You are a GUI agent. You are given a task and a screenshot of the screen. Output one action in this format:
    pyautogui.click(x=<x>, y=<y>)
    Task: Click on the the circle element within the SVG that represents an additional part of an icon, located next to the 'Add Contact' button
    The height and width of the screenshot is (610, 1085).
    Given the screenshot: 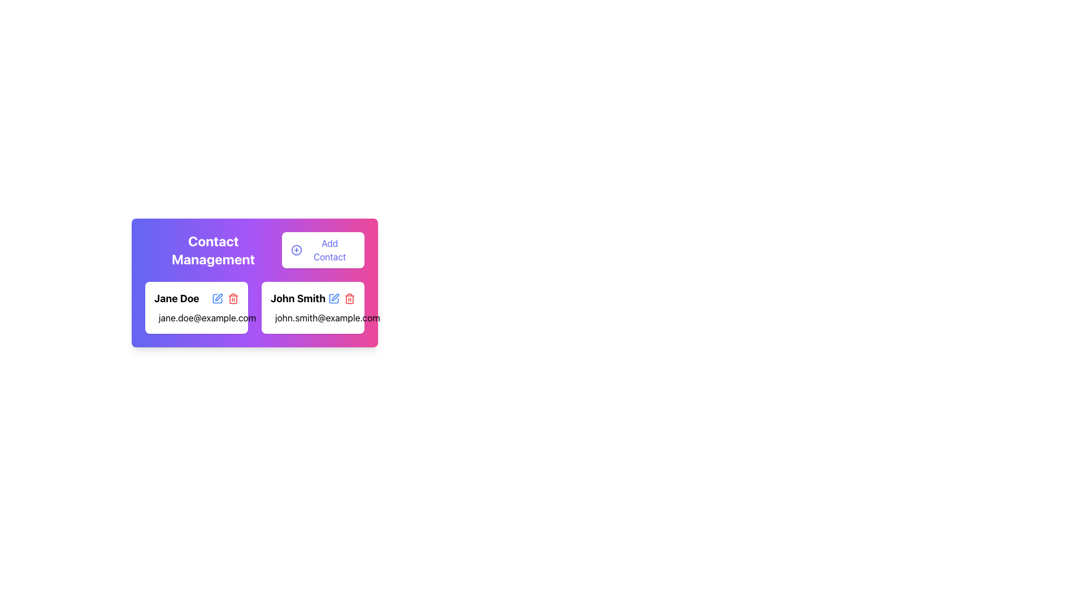 What is the action you would take?
    pyautogui.click(x=296, y=250)
    